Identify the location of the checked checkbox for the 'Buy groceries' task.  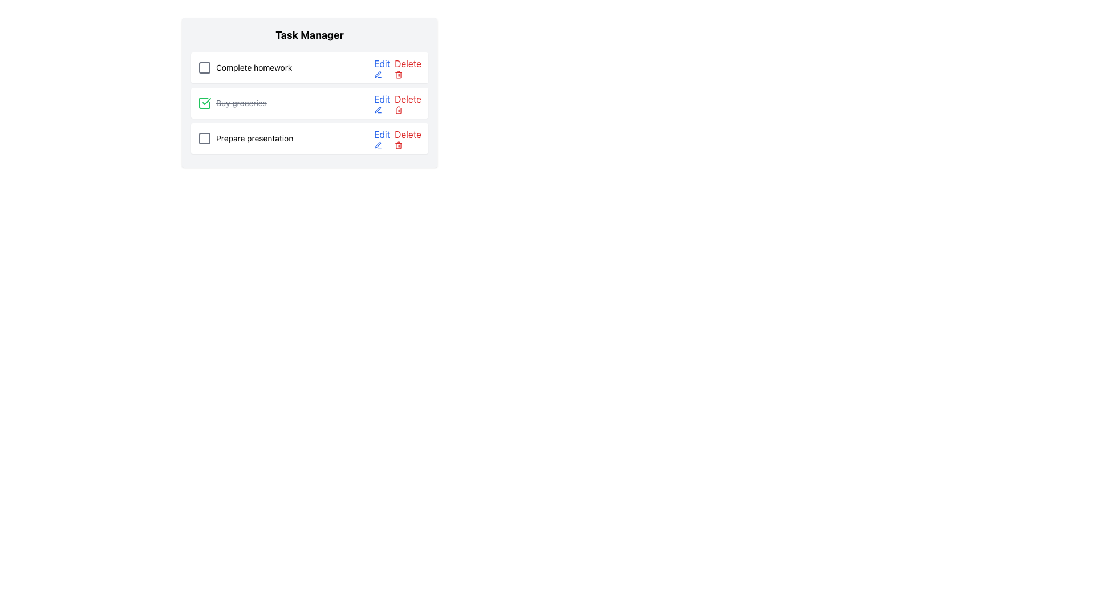
(205, 103).